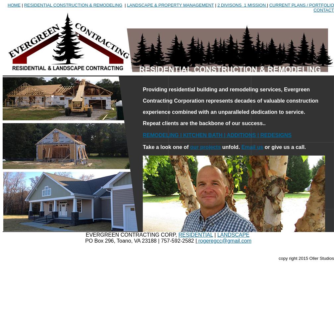 This screenshot has height=331, width=334. I want to click on 'or give us a call.', so click(284, 147).